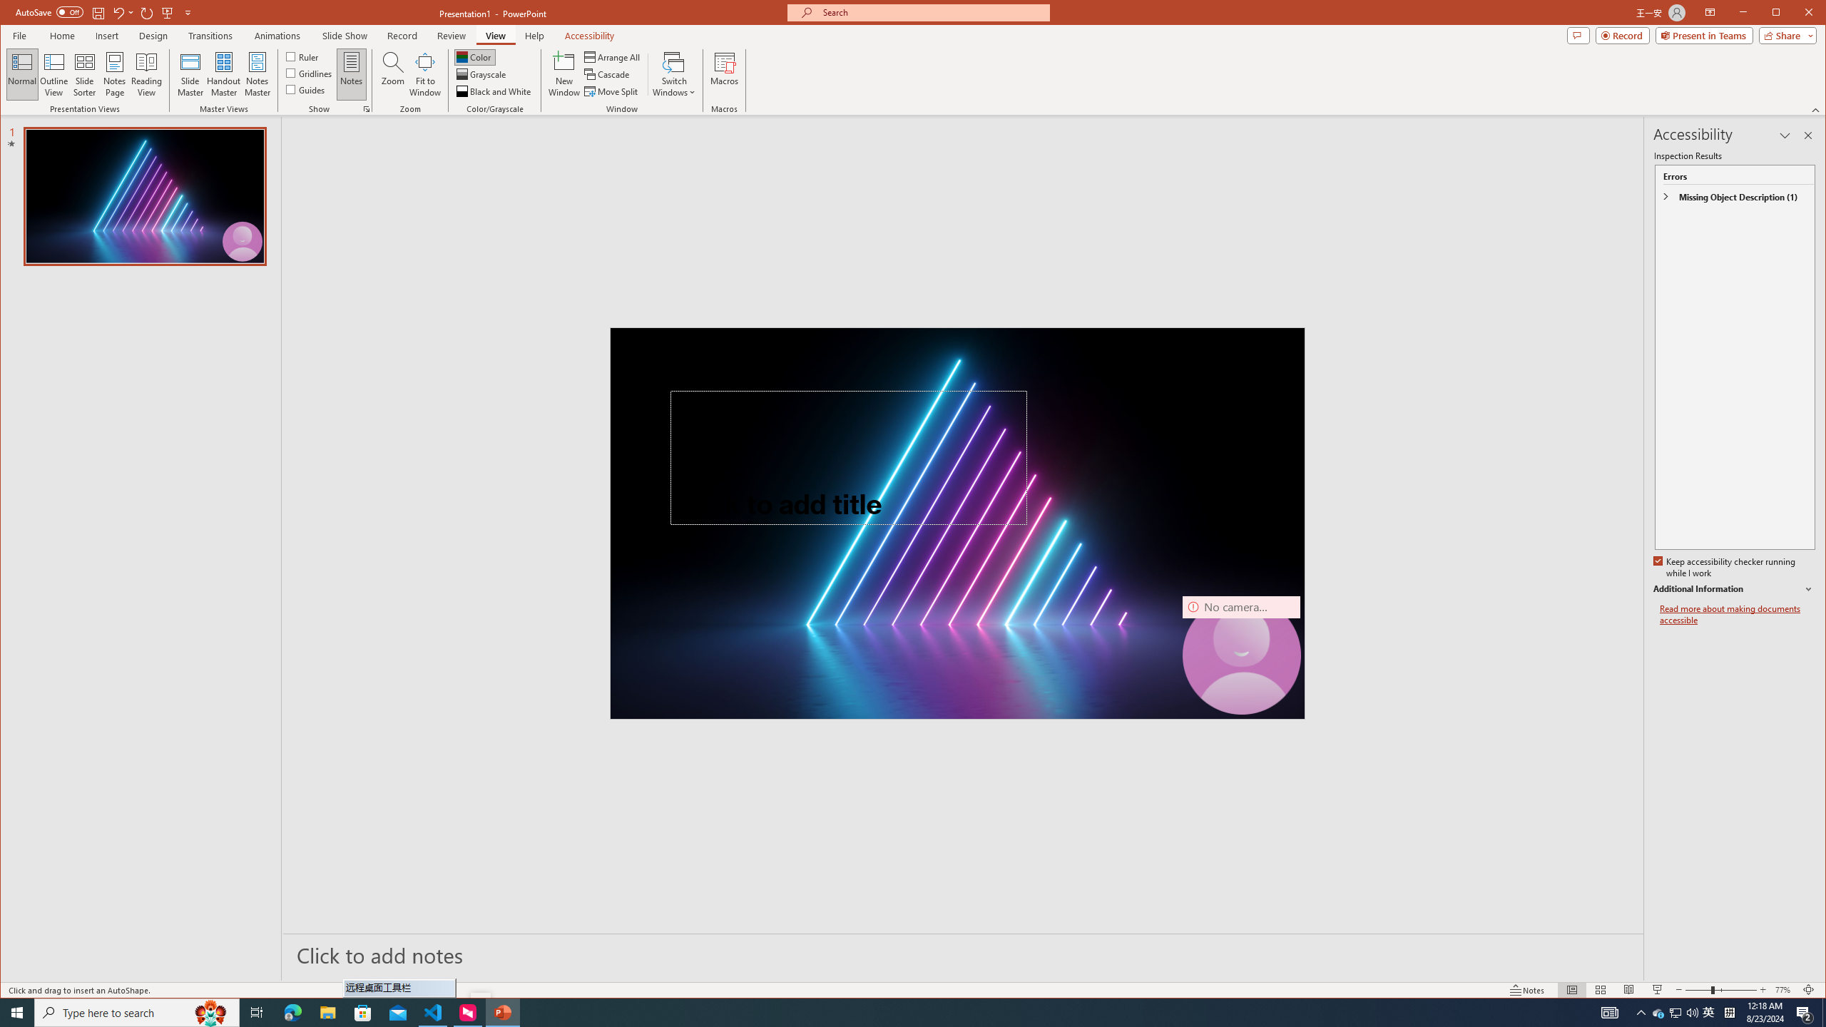  I want to click on 'Guides', so click(305, 89).